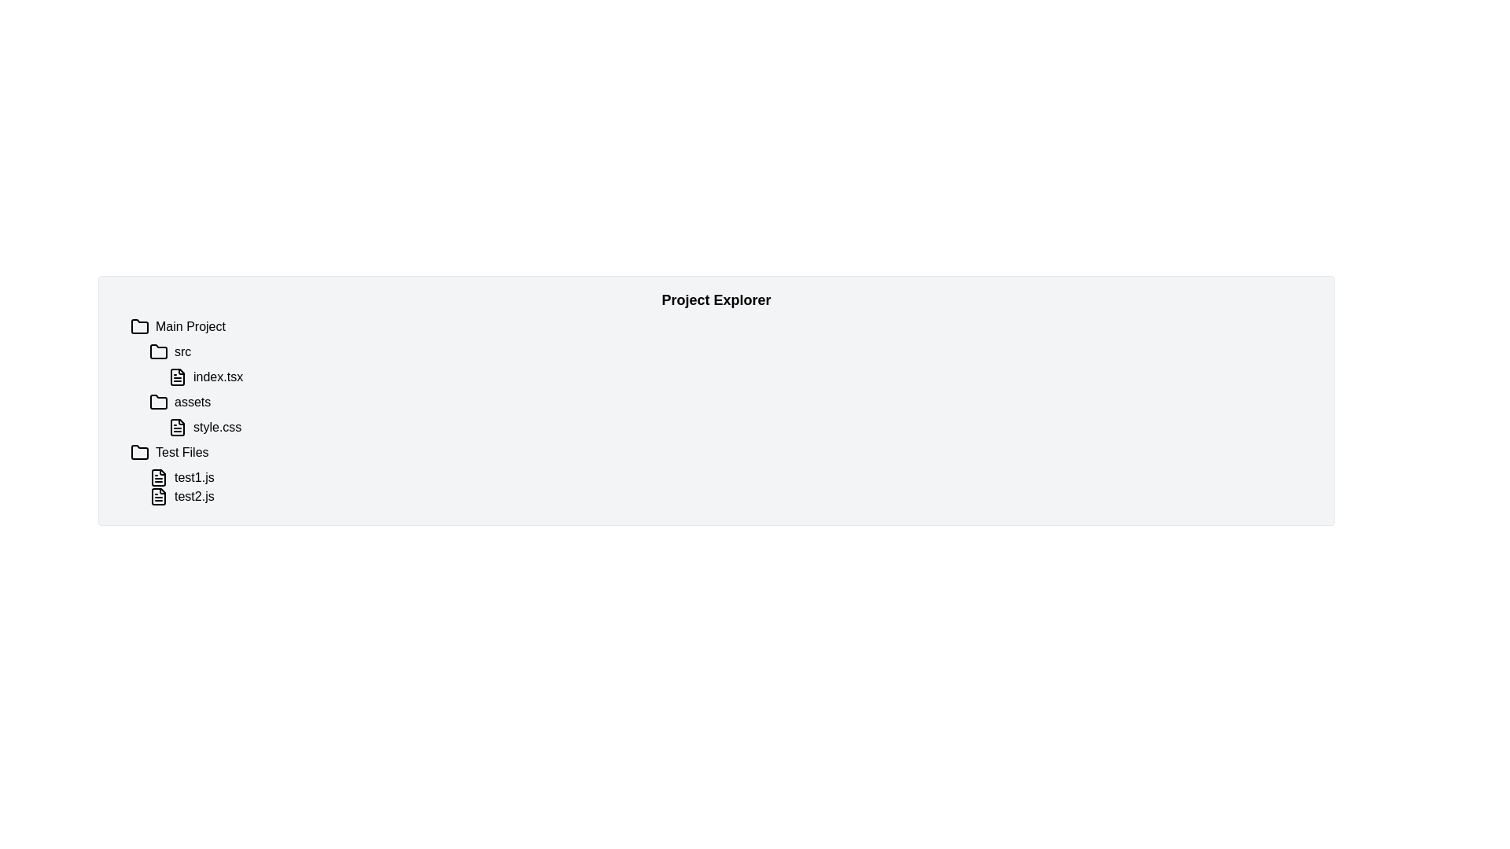 Image resolution: width=1510 pixels, height=849 pixels. What do you see at coordinates (177, 377) in the screenshot?
I see `the file icon representing 'index.tsx' from the 'src' folder` at bounding box center [177, 377].